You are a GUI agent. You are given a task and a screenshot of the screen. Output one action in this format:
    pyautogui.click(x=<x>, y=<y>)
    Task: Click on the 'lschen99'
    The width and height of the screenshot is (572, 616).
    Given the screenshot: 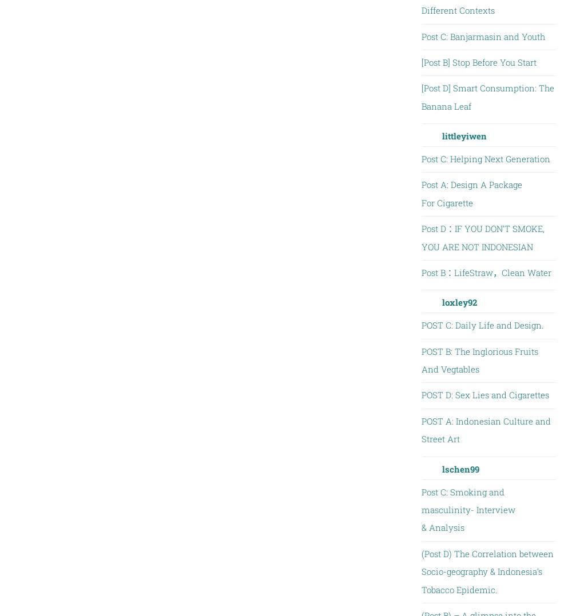 What is the action you would take?
    pyautogui.click(x=460, y=469)
    